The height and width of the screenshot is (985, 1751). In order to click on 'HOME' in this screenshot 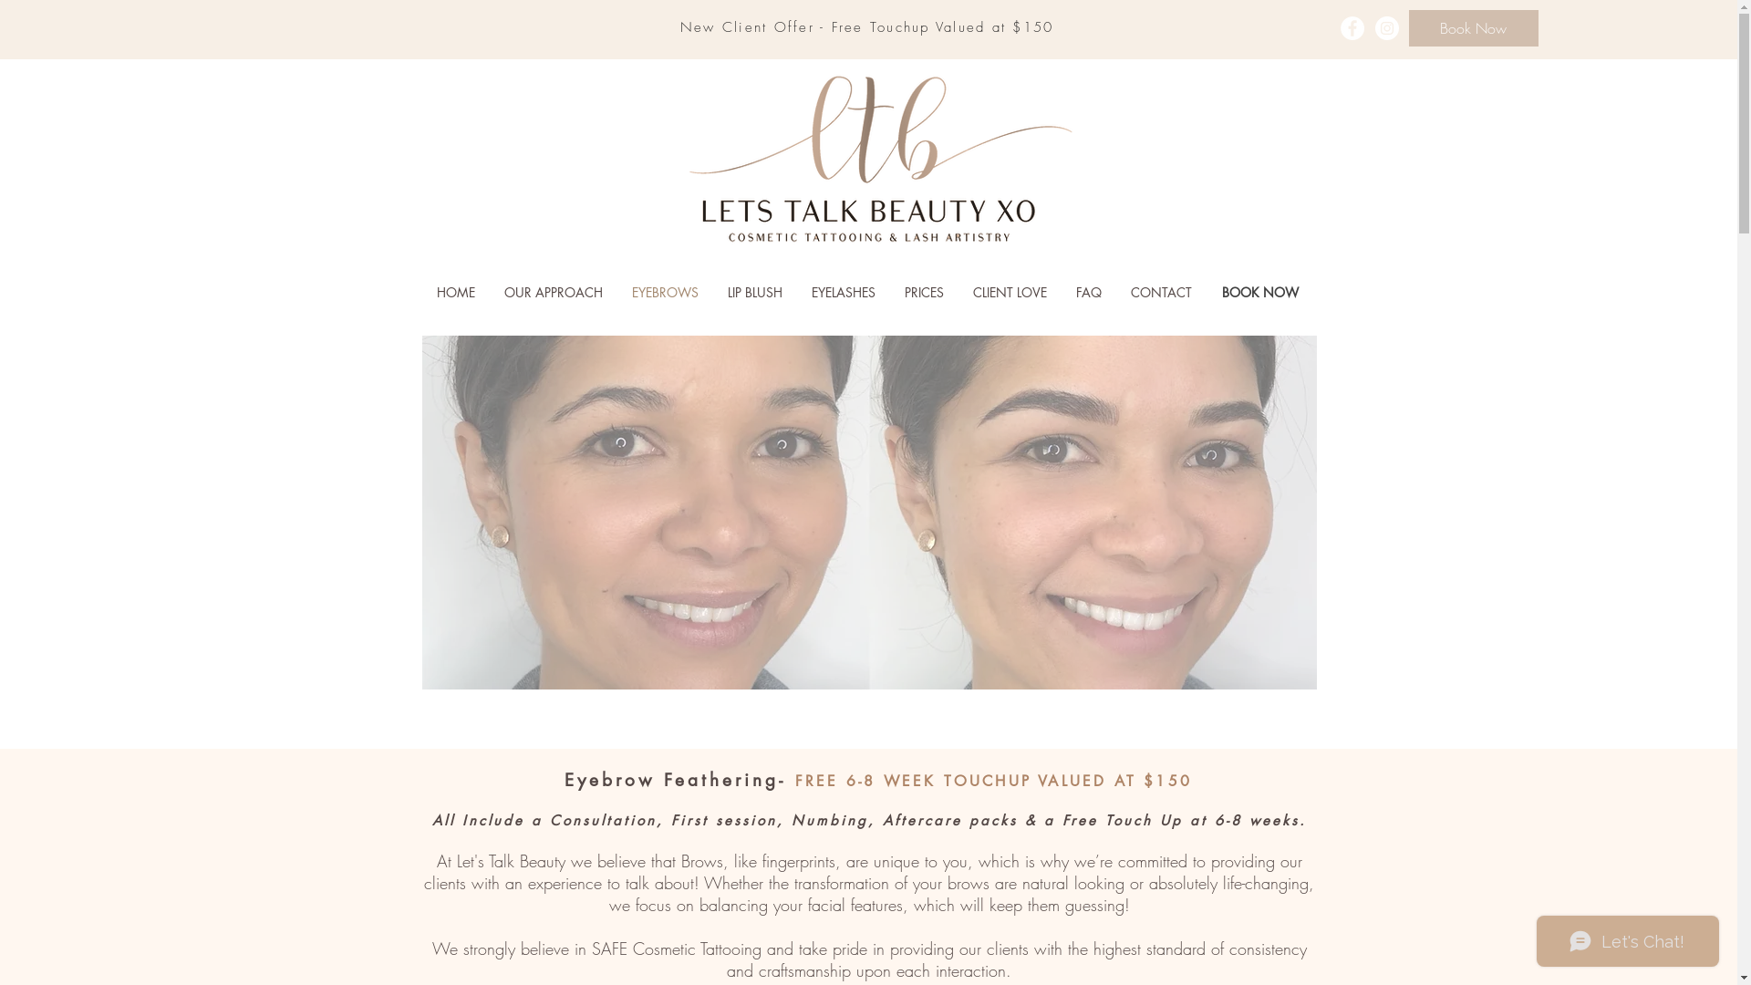, I will do `click(455, 291)`.